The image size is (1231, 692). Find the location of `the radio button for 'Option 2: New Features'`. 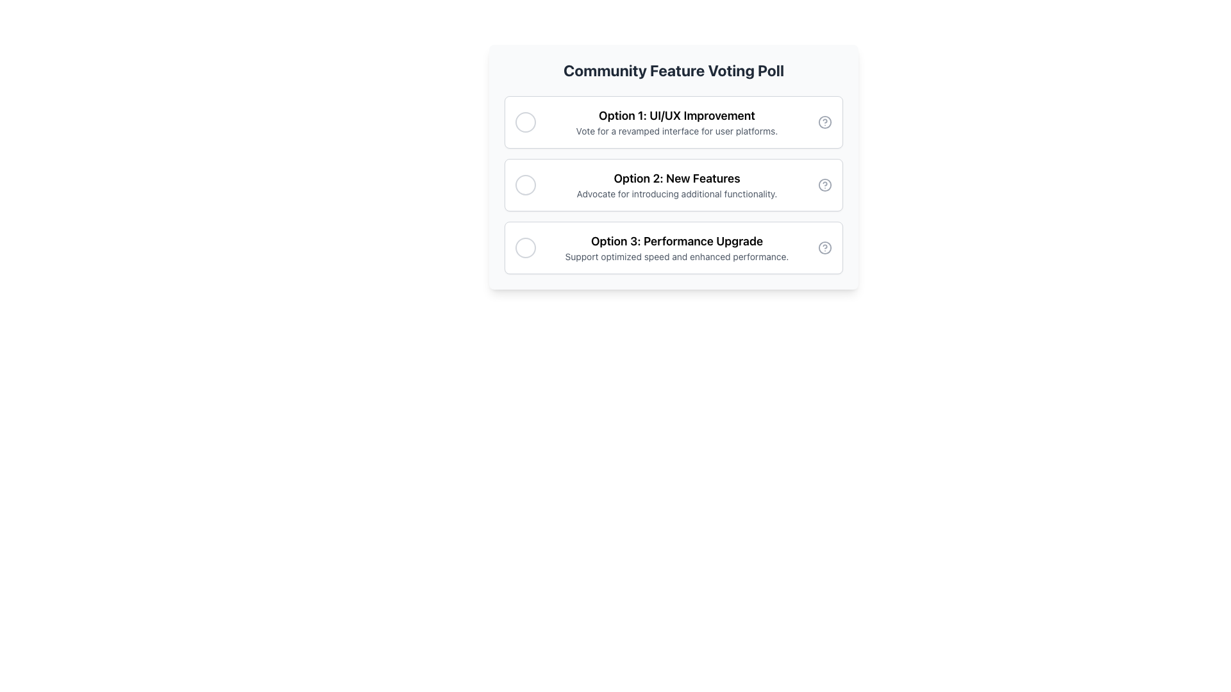

the radio button for 'Option 2: New Features' is located at coordinates (526, 185).